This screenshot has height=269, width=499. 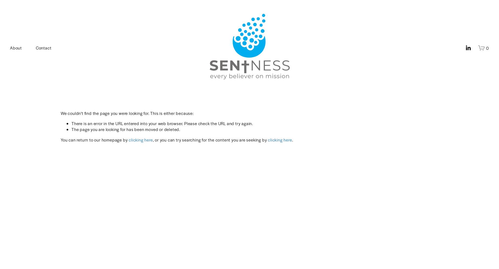 What do you see at coordinates (210, 139) in the screenshot?
I see `', or you can try searching for the
  content you are seeking by'` at bounding box center [210, 139].